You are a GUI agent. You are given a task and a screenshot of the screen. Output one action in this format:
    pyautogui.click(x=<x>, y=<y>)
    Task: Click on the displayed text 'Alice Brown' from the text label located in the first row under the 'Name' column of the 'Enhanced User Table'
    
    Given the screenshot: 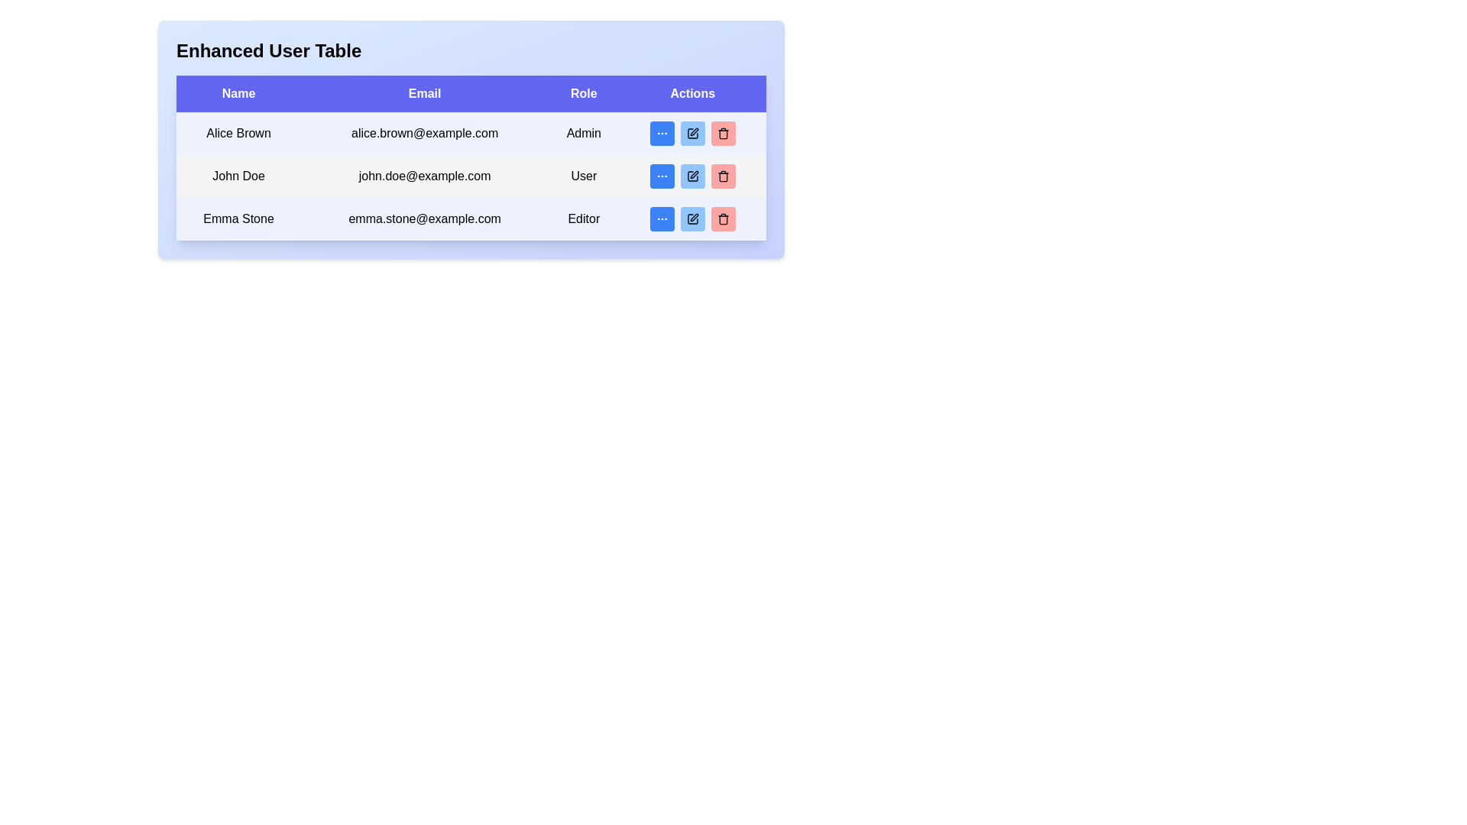 What is the action you would take?
    pyautogui.click(x=238, y=132)
    